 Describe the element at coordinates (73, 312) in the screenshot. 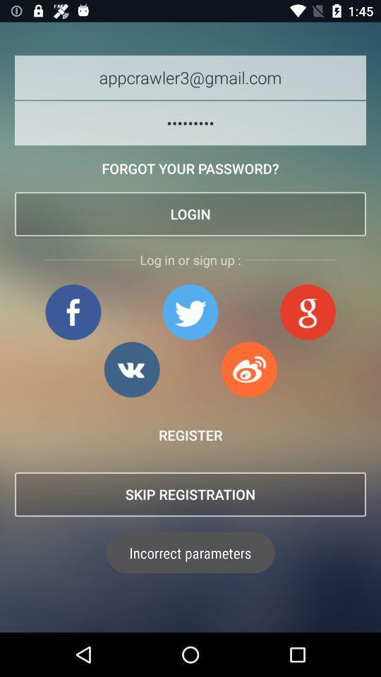

I see `facebook page` at that location.